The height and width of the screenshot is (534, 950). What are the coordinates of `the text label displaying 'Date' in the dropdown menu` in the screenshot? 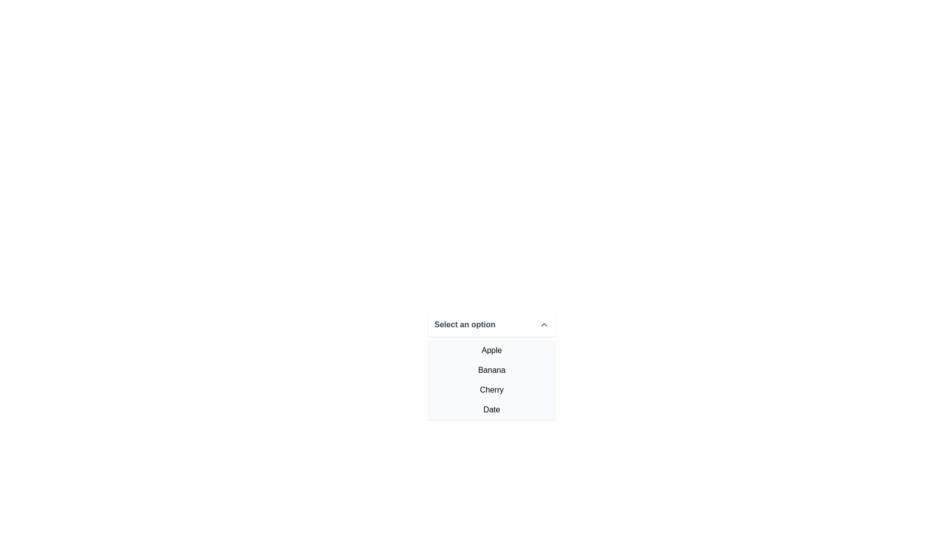 It's located at (491, 410).